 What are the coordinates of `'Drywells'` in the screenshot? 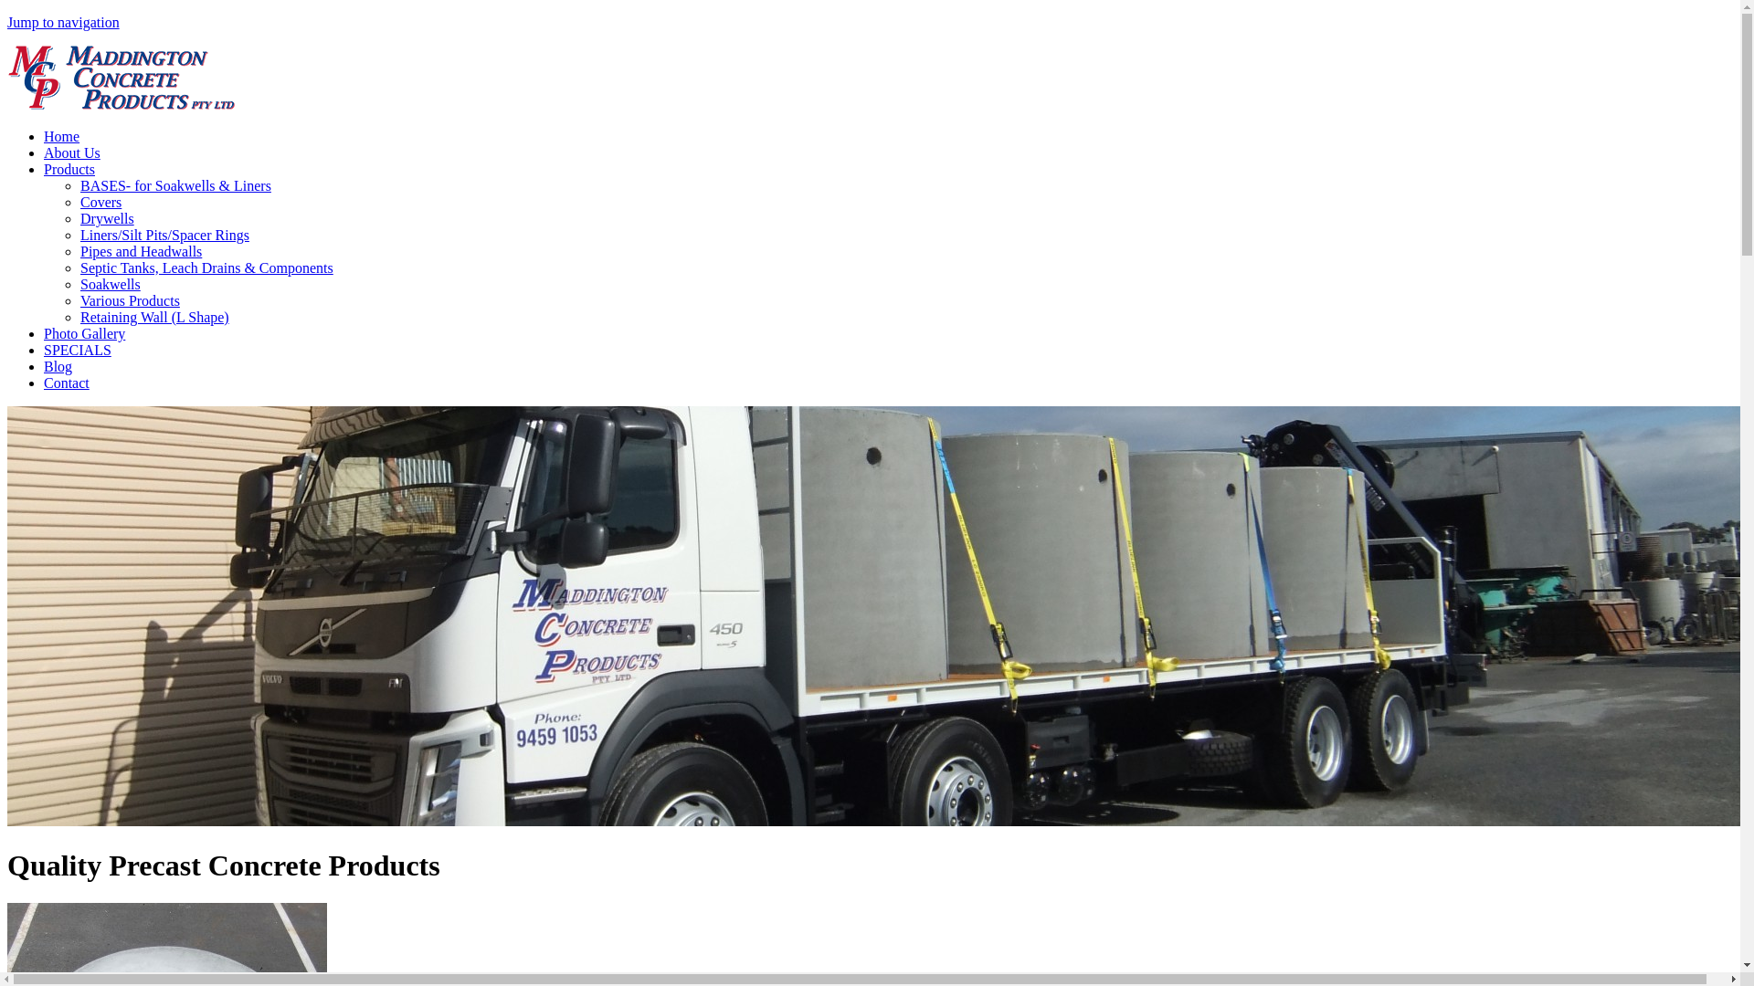 It's located at (79, 217).